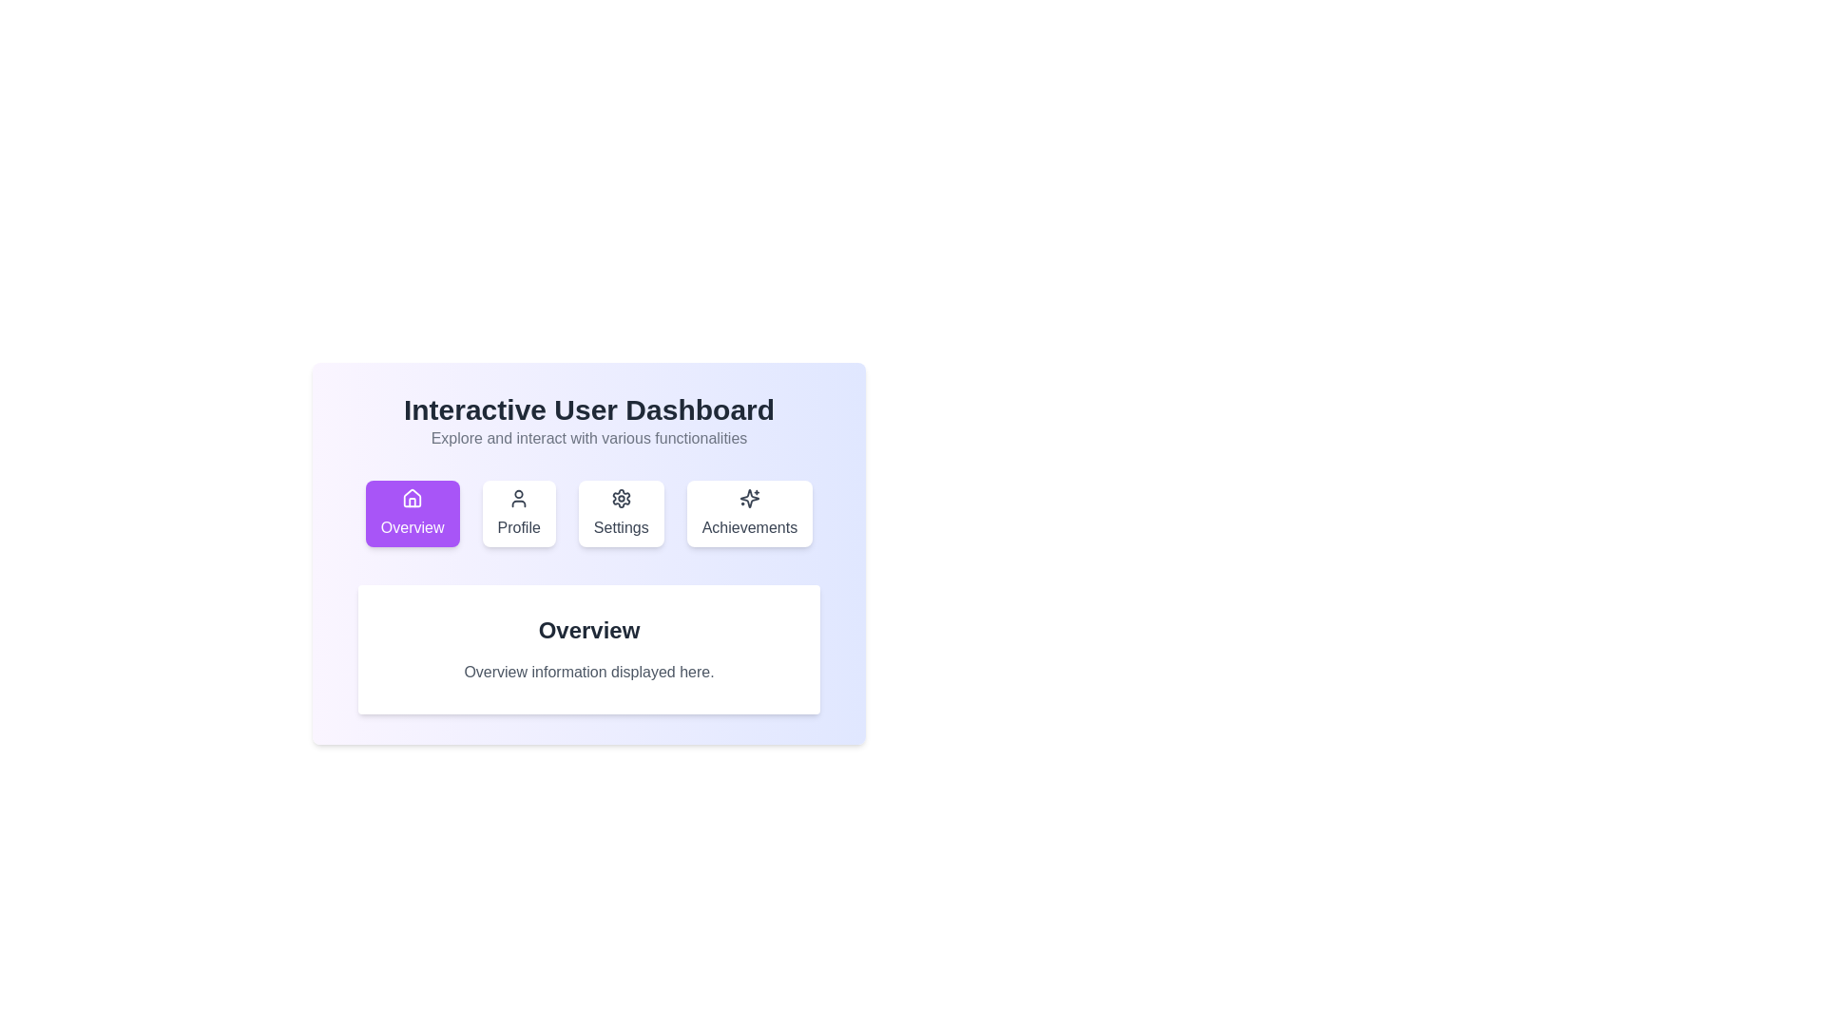  What do you see at coordinates (519, 527) in the screenshot?
I see `text label displaying 'Profile' in dark gray color, centrally positioned below the user profile icon in the Interactive User Dashboard` at bounding box center [519, 527].